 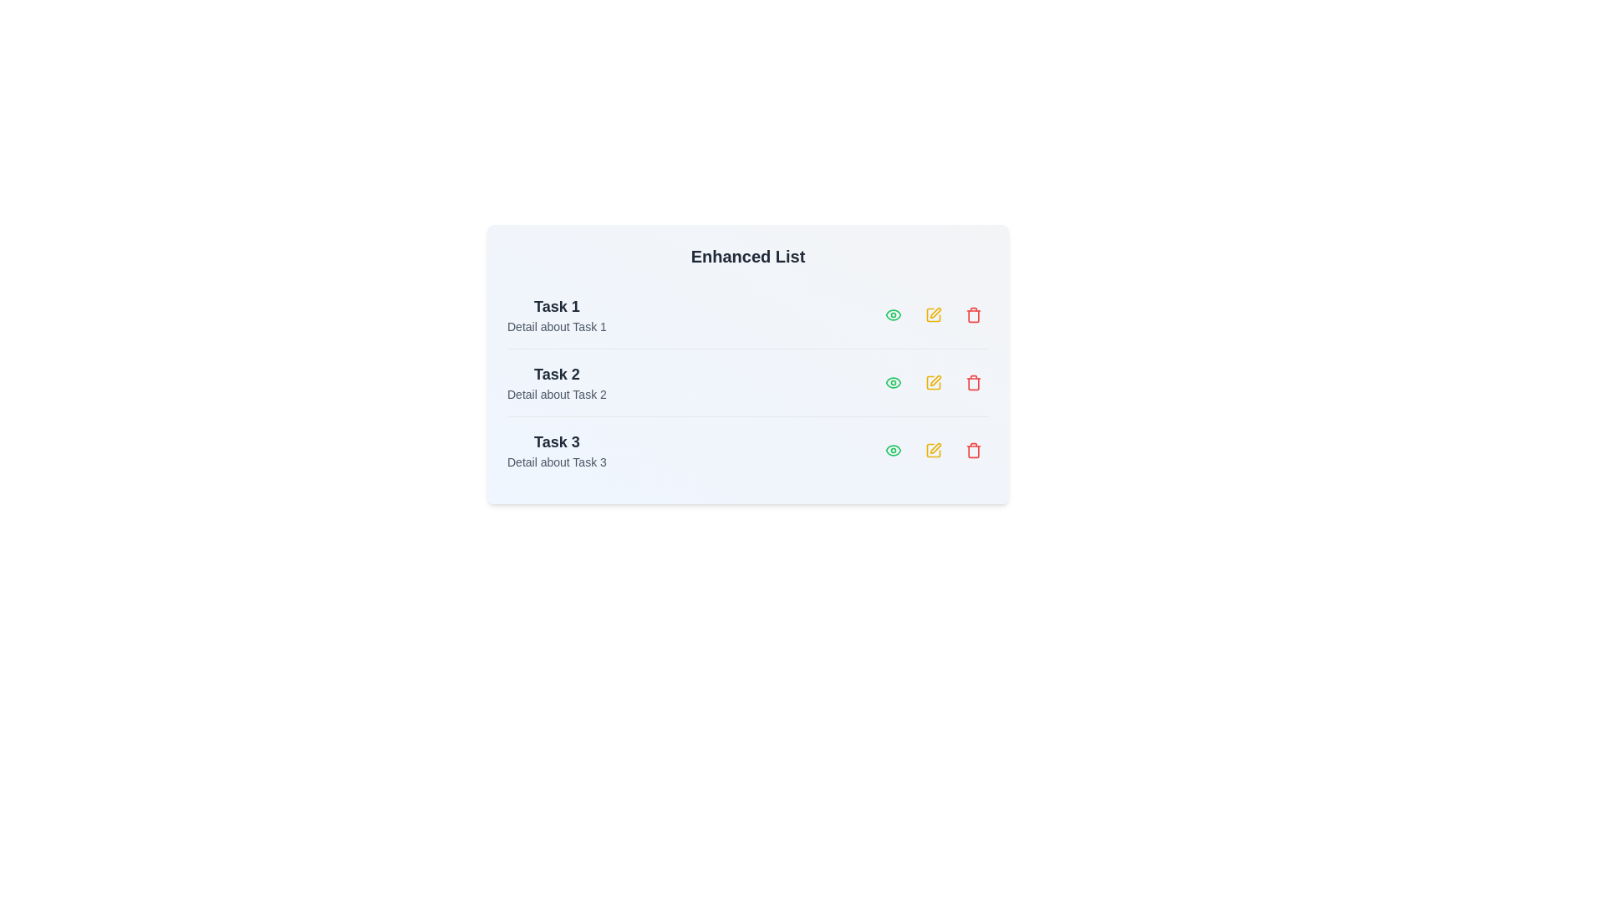 What do you see at coordinates (974, 383) in the screenshot?
I see `the 'Trash' icon corresponding to the task labeled 'Task 2'` at bounding box center [974, 383].